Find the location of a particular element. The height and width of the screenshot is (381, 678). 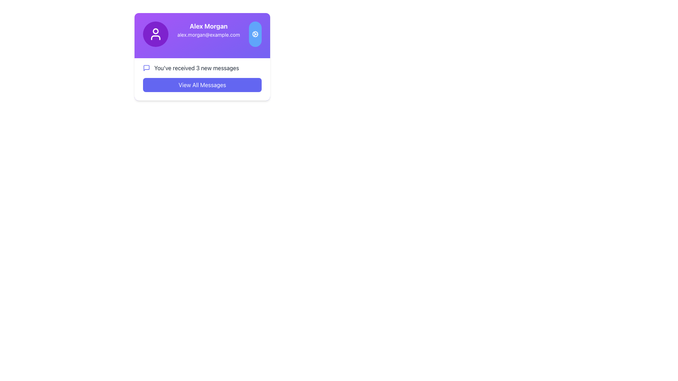

the circular blue button with a white cog icon located at the top right corner of the profile card, adjacent to the text 'Alex Morgan alex.morgan@example.com' is located at coordinates (255, 34).